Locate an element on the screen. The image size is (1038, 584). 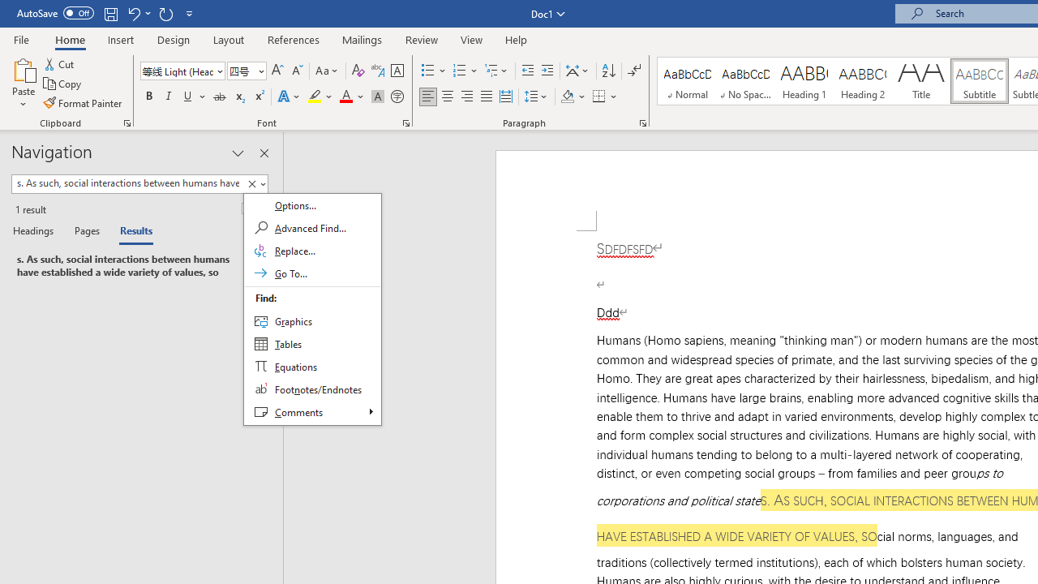
'Copy' is located at coordinates (63, 84).